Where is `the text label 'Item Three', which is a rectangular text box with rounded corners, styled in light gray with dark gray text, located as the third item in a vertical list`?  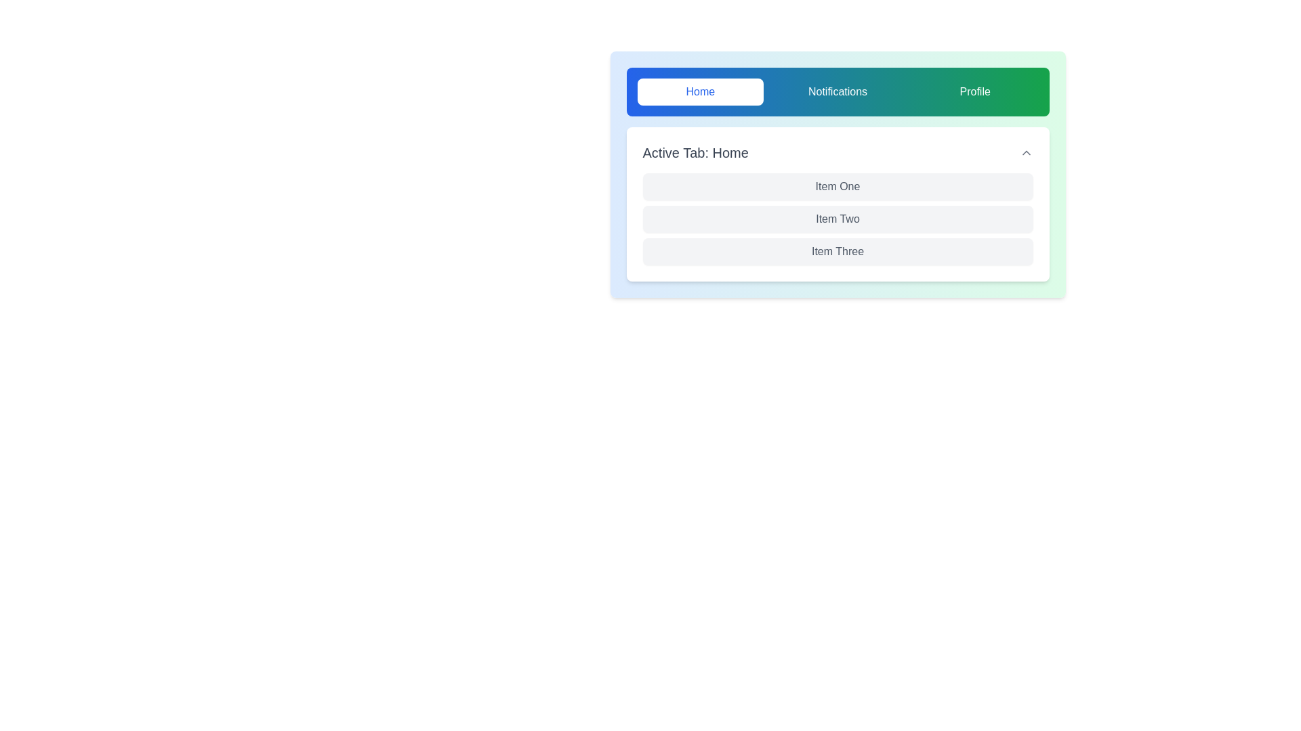
the text label 'Item Three', which is a rectangular text box with rounded corners, styled in light gray with dark gray text, located as the third item in a vertical list is located at coordinates (837, 251).